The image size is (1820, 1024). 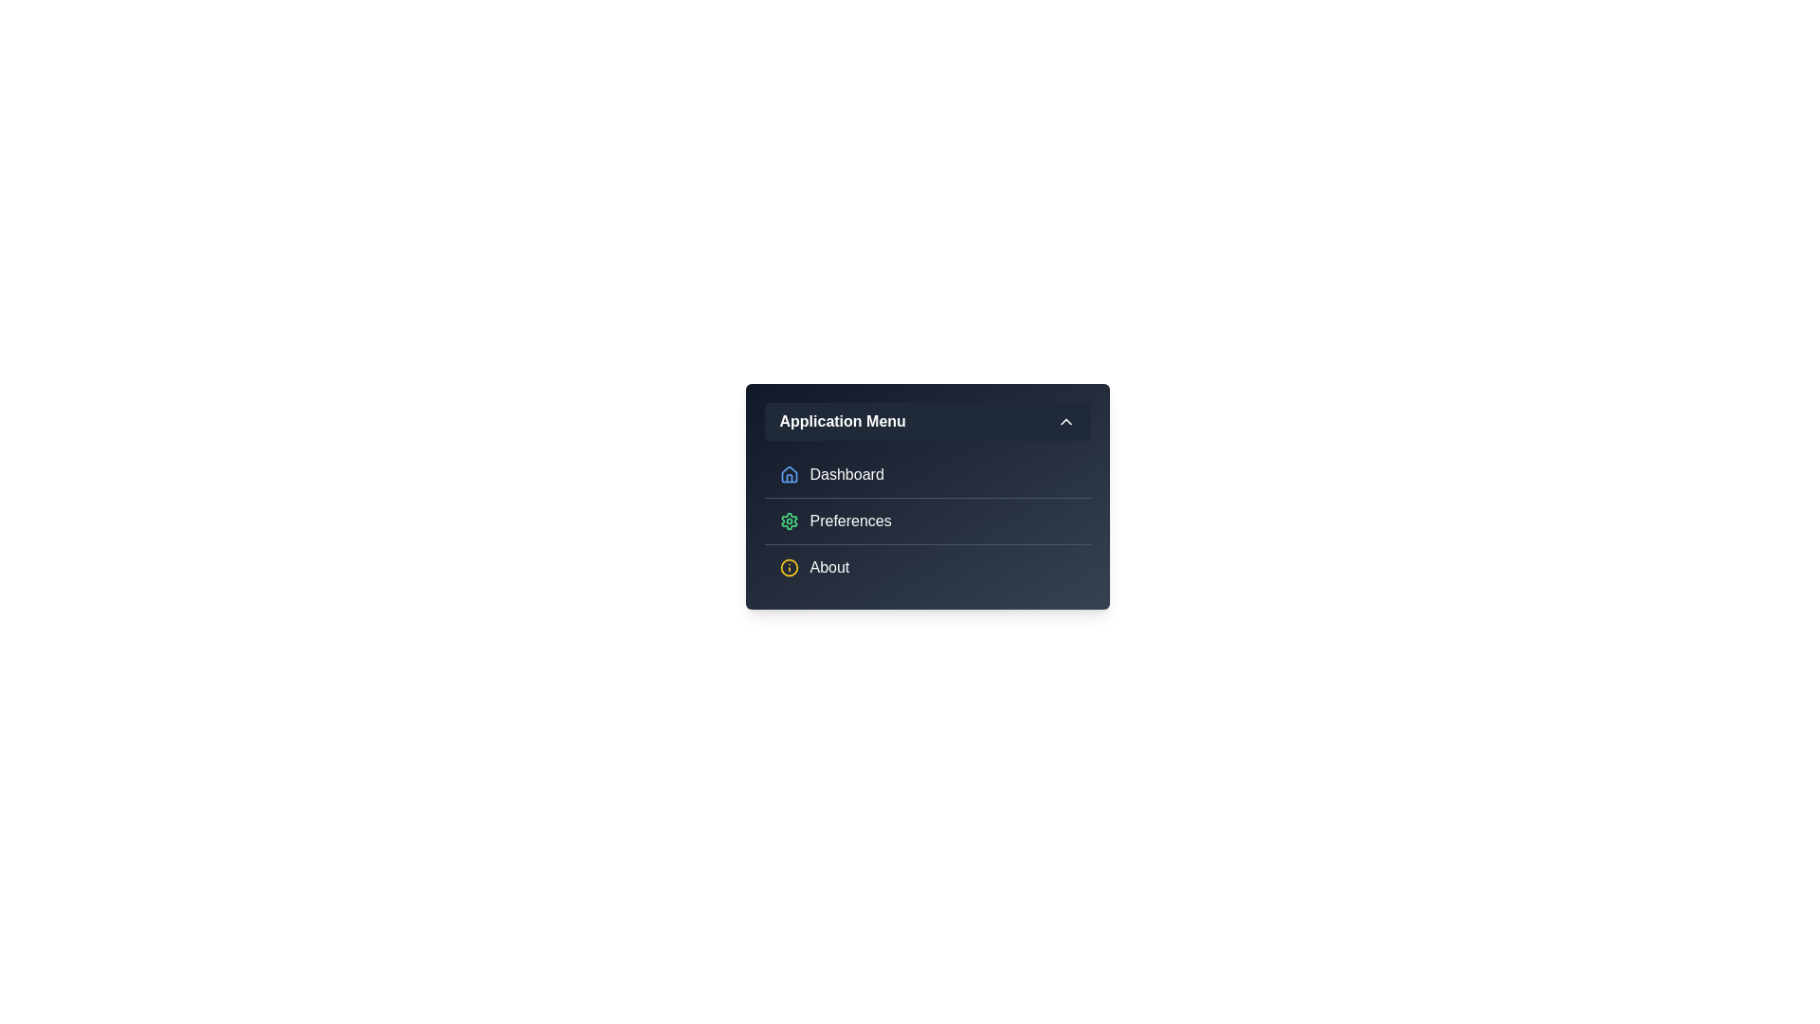 What do you see at coordinates (927, 521) in the screenshot?
I see `the menu item Preferences to inspect its visual feedback` at bounding box center [927, 521].